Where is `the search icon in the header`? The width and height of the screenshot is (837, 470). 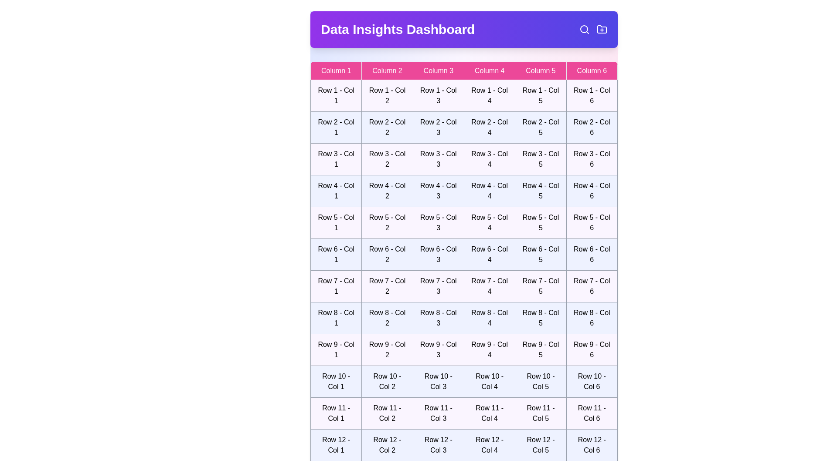 the search icon in the header is located at coordinates (584, 29).